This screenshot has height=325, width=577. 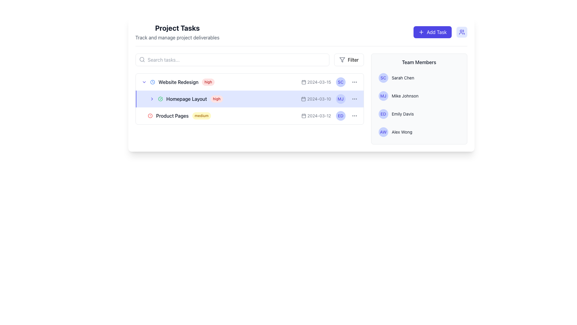 I want to click on the team member list item representing 'Mike Johnson', so click(x=419, y=96).